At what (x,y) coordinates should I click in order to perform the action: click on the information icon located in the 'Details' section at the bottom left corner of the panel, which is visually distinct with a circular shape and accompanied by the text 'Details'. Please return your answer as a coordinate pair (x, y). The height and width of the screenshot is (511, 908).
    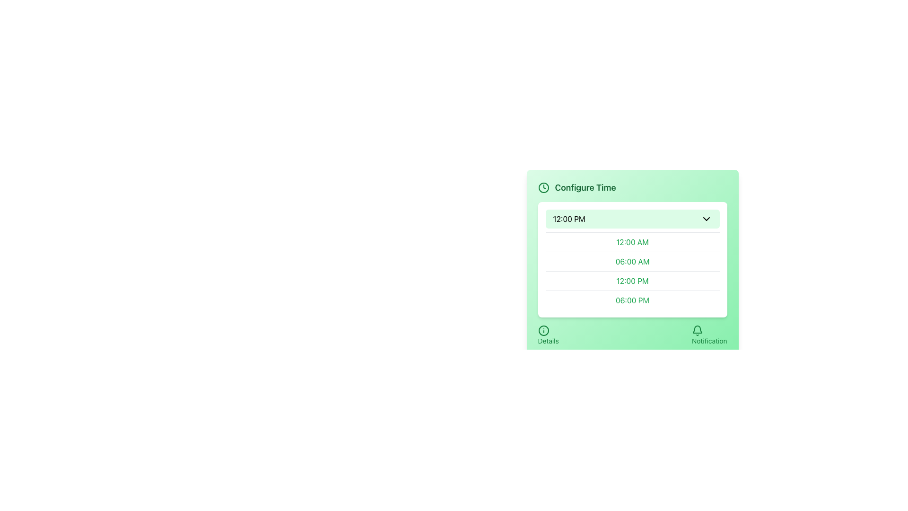
    Looking at the image, I should click on (543, 330).